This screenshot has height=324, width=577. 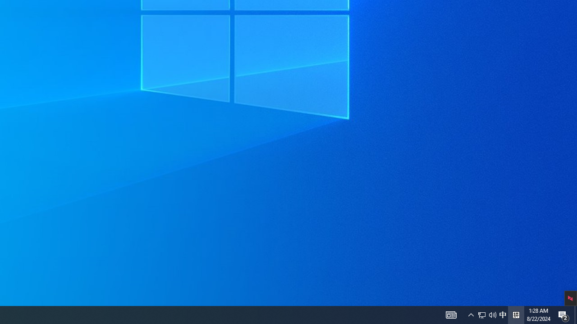 I want to click on 'Tray Input Indicator - Chinese (Simplified, China)', so click(x=516, y=314).